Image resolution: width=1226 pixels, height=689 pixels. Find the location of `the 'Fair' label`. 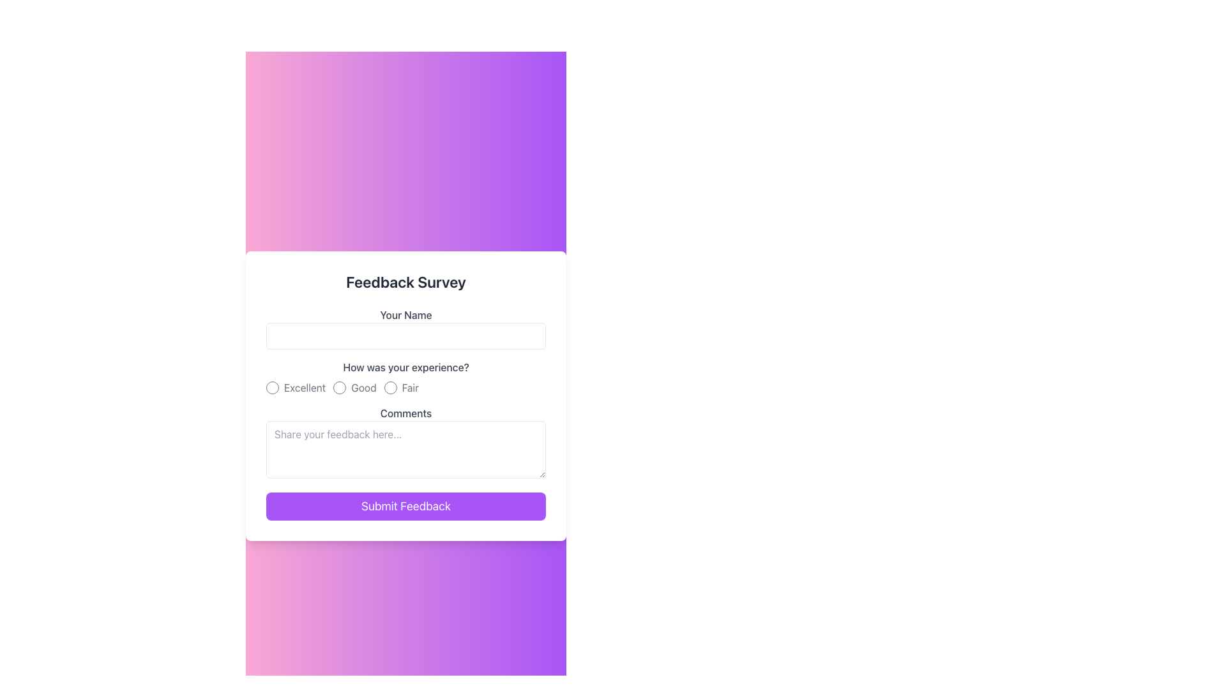

the 'Fair' label is located at coordinates (400, 387).